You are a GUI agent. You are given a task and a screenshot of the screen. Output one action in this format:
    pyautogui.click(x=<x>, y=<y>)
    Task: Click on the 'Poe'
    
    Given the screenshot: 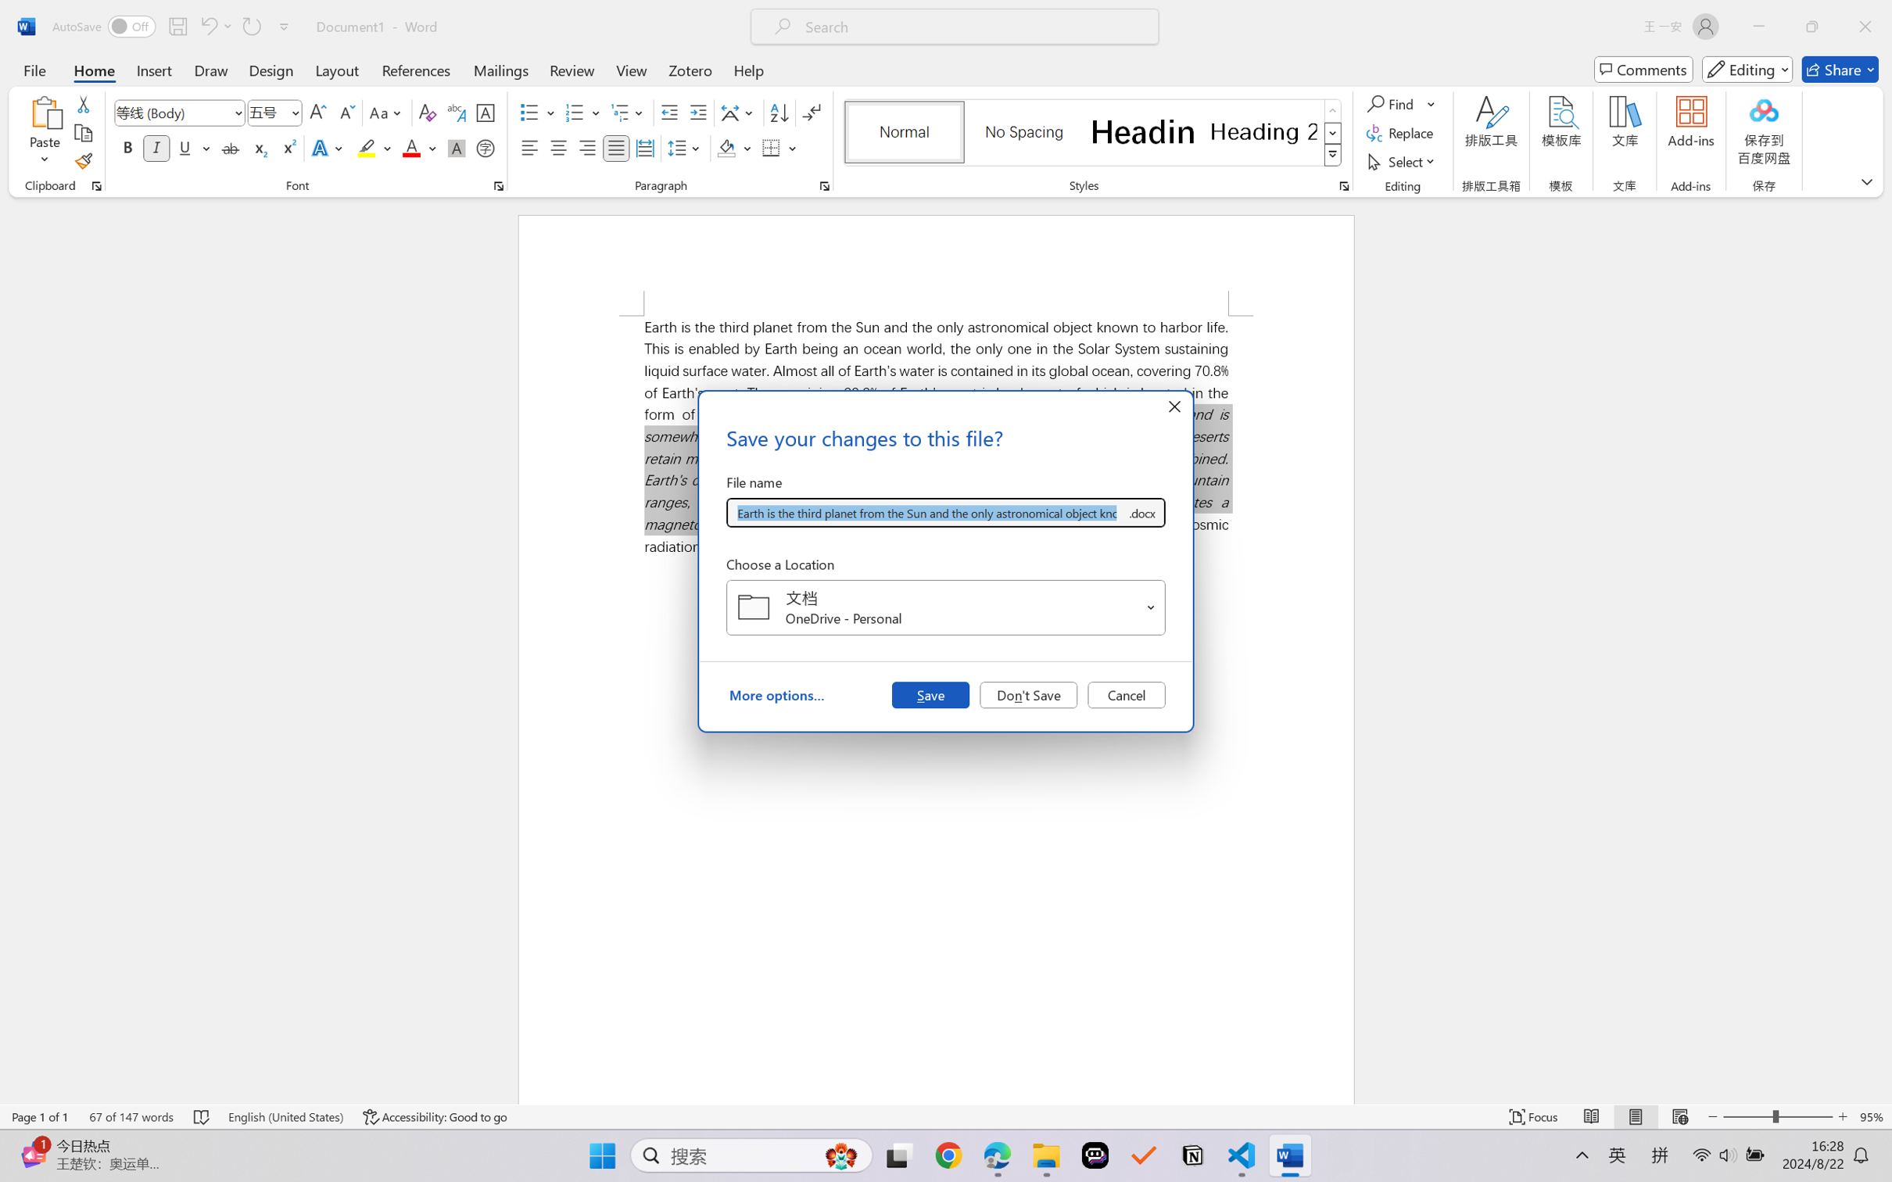 What is the action you would take?
    pyautogui.click(x=1095, y=1155)
    